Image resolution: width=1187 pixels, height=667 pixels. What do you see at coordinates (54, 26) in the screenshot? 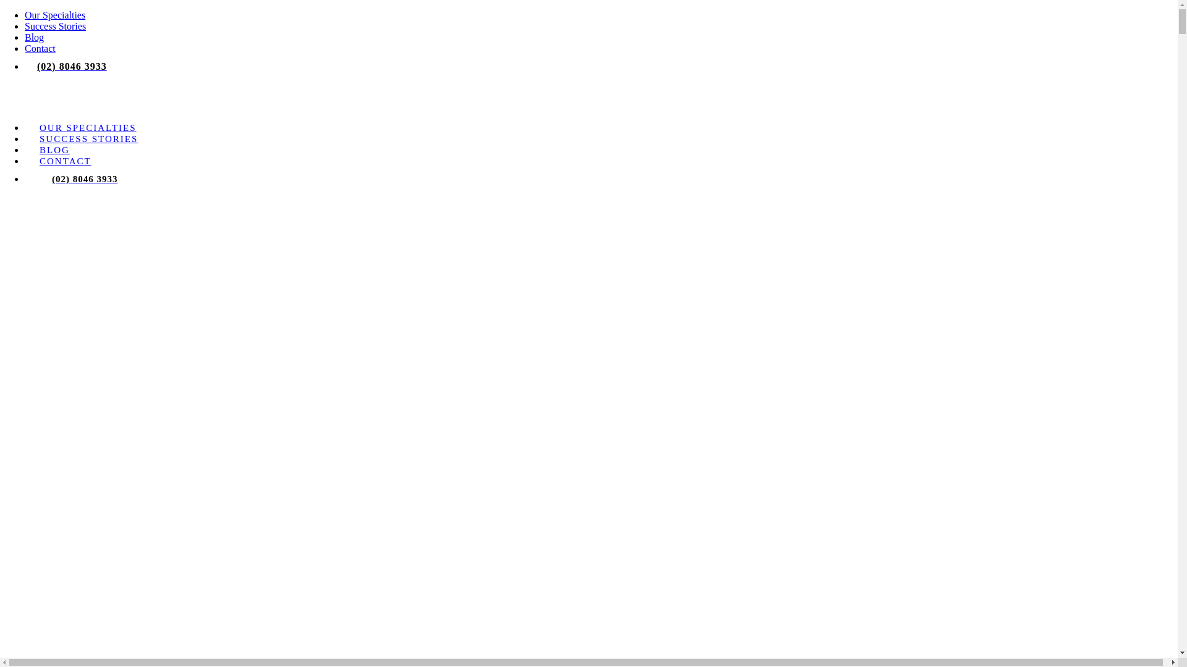
I see `'Success Stories'` at bounding box center [54, 26].